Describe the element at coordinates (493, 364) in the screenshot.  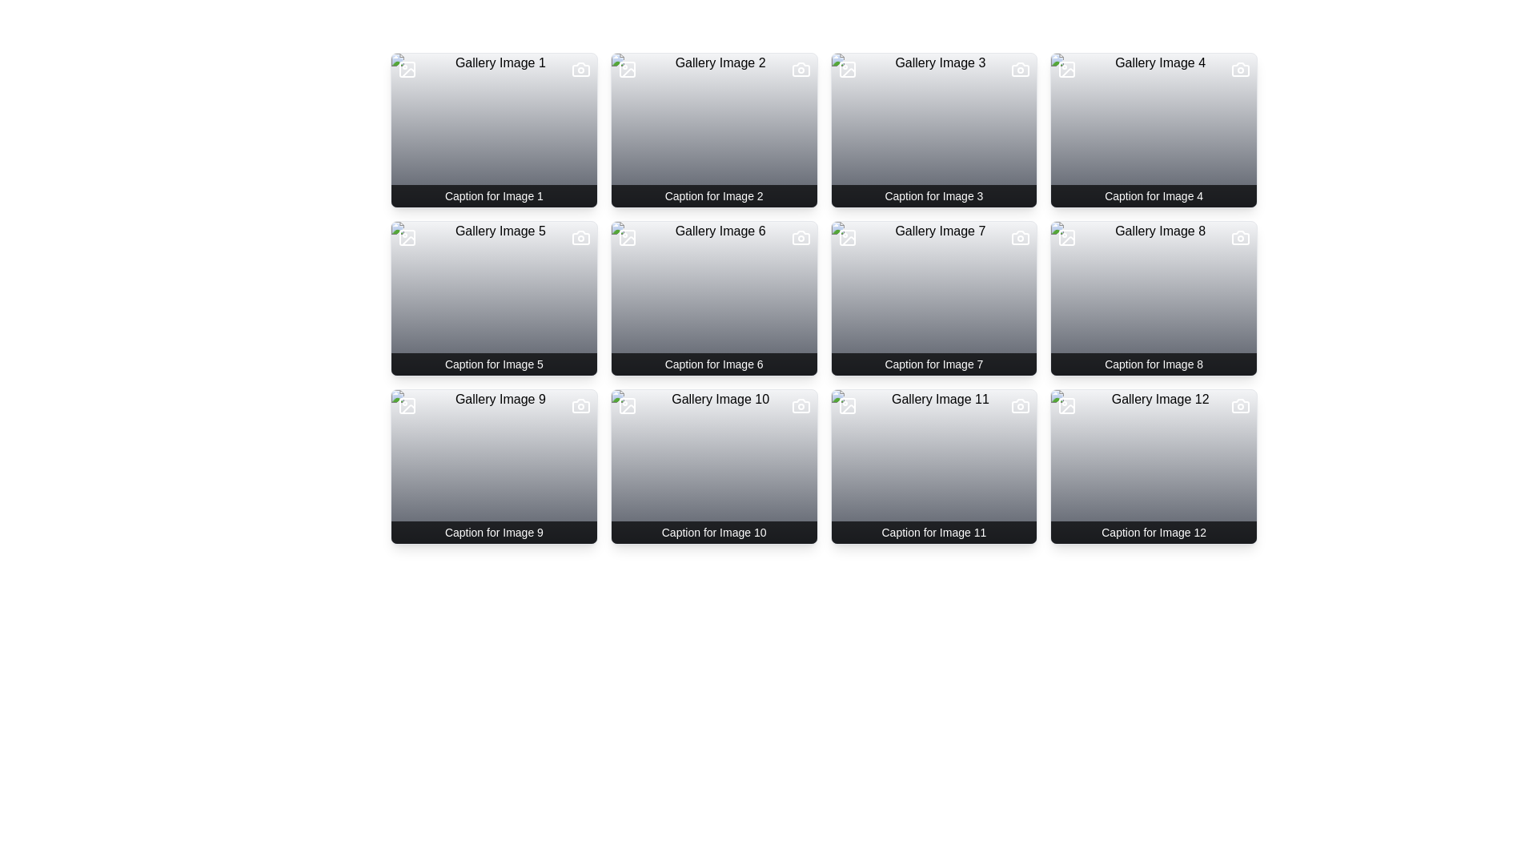
I see `the Text label displaying 'Caption for Image 5', which is located at the bottom of the gallery card labeled 'Gallery Image 5'` at that location.